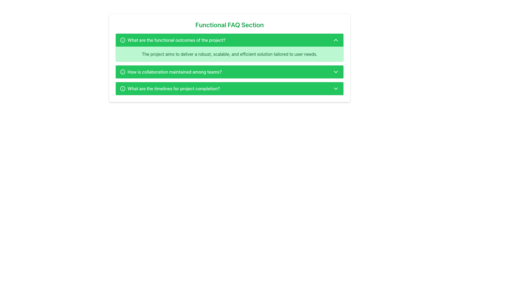  What do you see at coordinates (170, 88) in the screenshot?
I see `the text element displaying 'What are the timelines for project completion?'` at bounding box center [170, 88].